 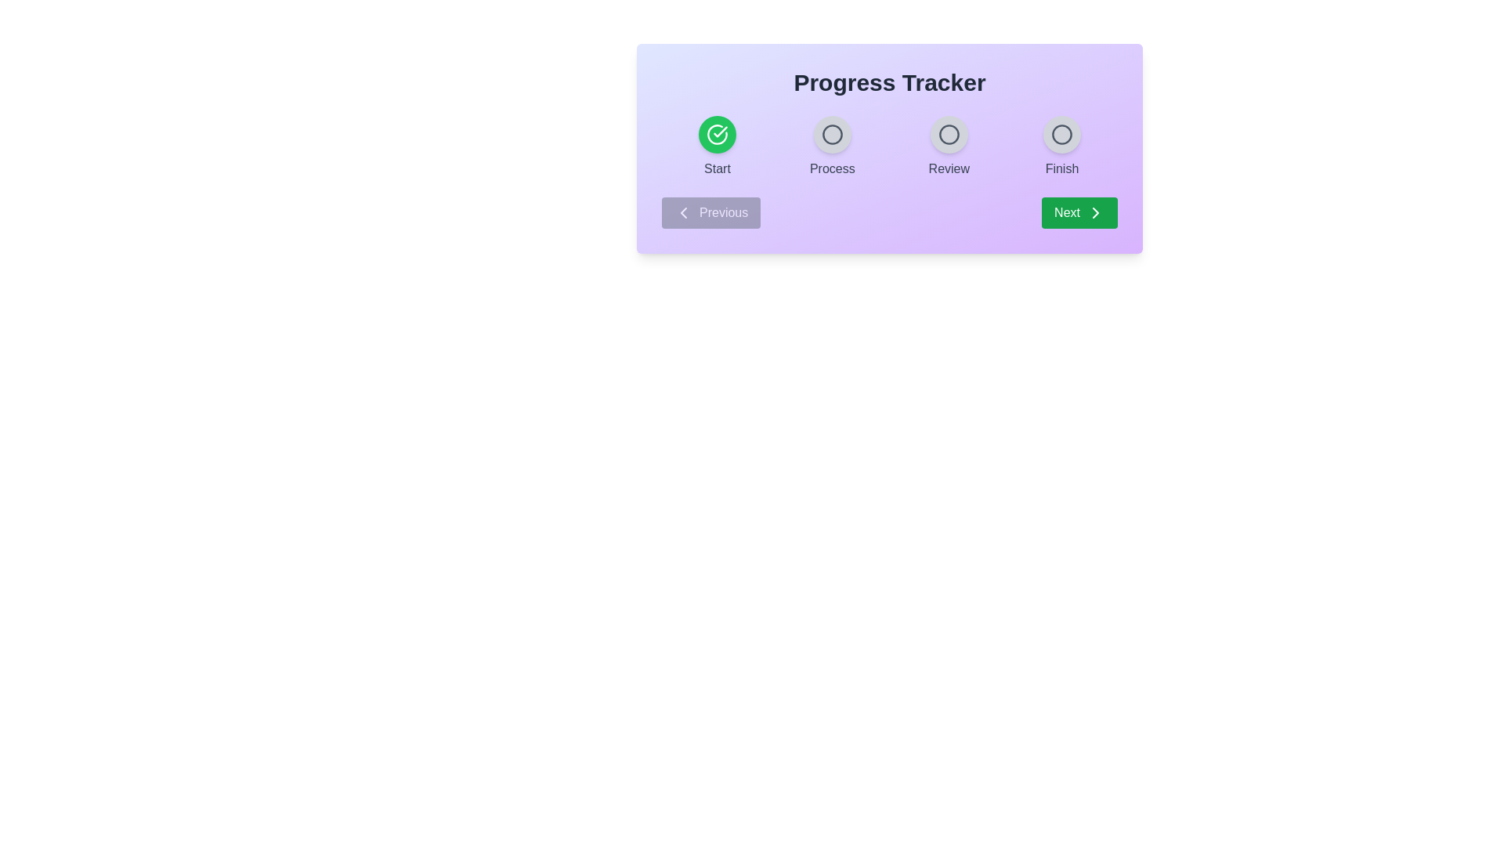 What do you see at coordinates (831, 134) in the screenshot?
I see `the state of the circular icon with a thin border and hollow center, positioned in the second slot of a row of four similar icons within a progress tracker interface` at bounding box center [831, 134].